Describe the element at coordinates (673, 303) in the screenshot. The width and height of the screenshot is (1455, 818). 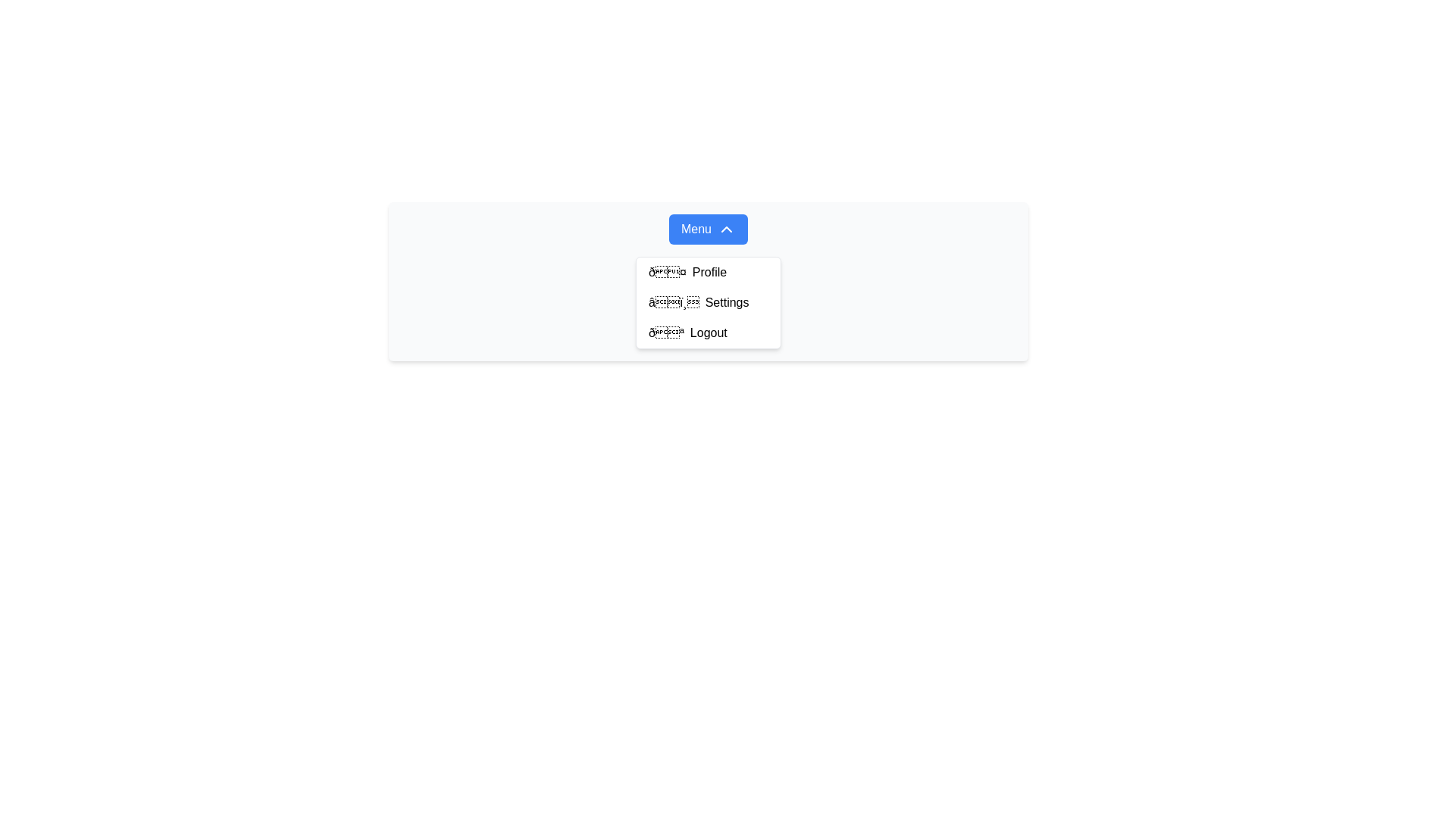
I see `the gear icon in the dropdown menu associated with settings, located to the left of the word 'Settings'` at that location.